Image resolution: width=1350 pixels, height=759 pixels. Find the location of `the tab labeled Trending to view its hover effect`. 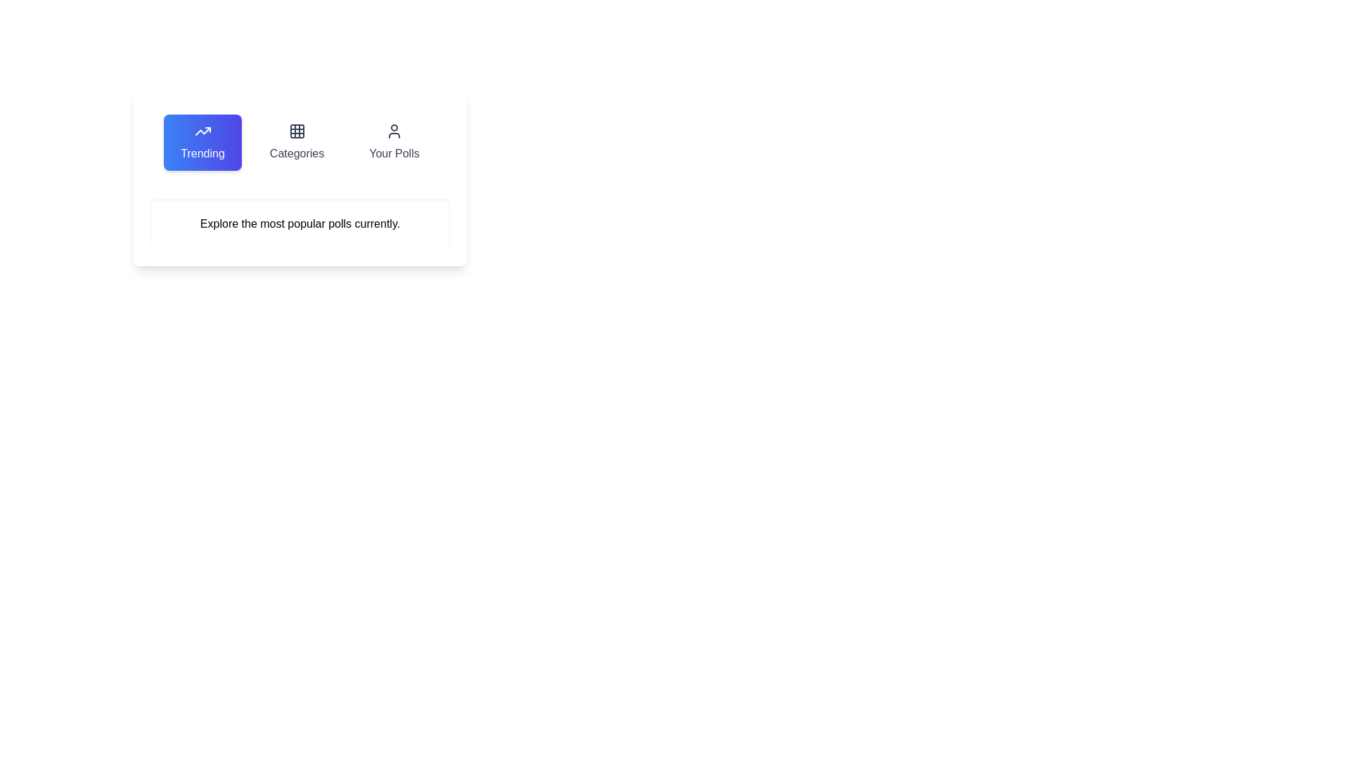

the tab labeled Trending to view its hover effect is located at coordinates (202, 143).